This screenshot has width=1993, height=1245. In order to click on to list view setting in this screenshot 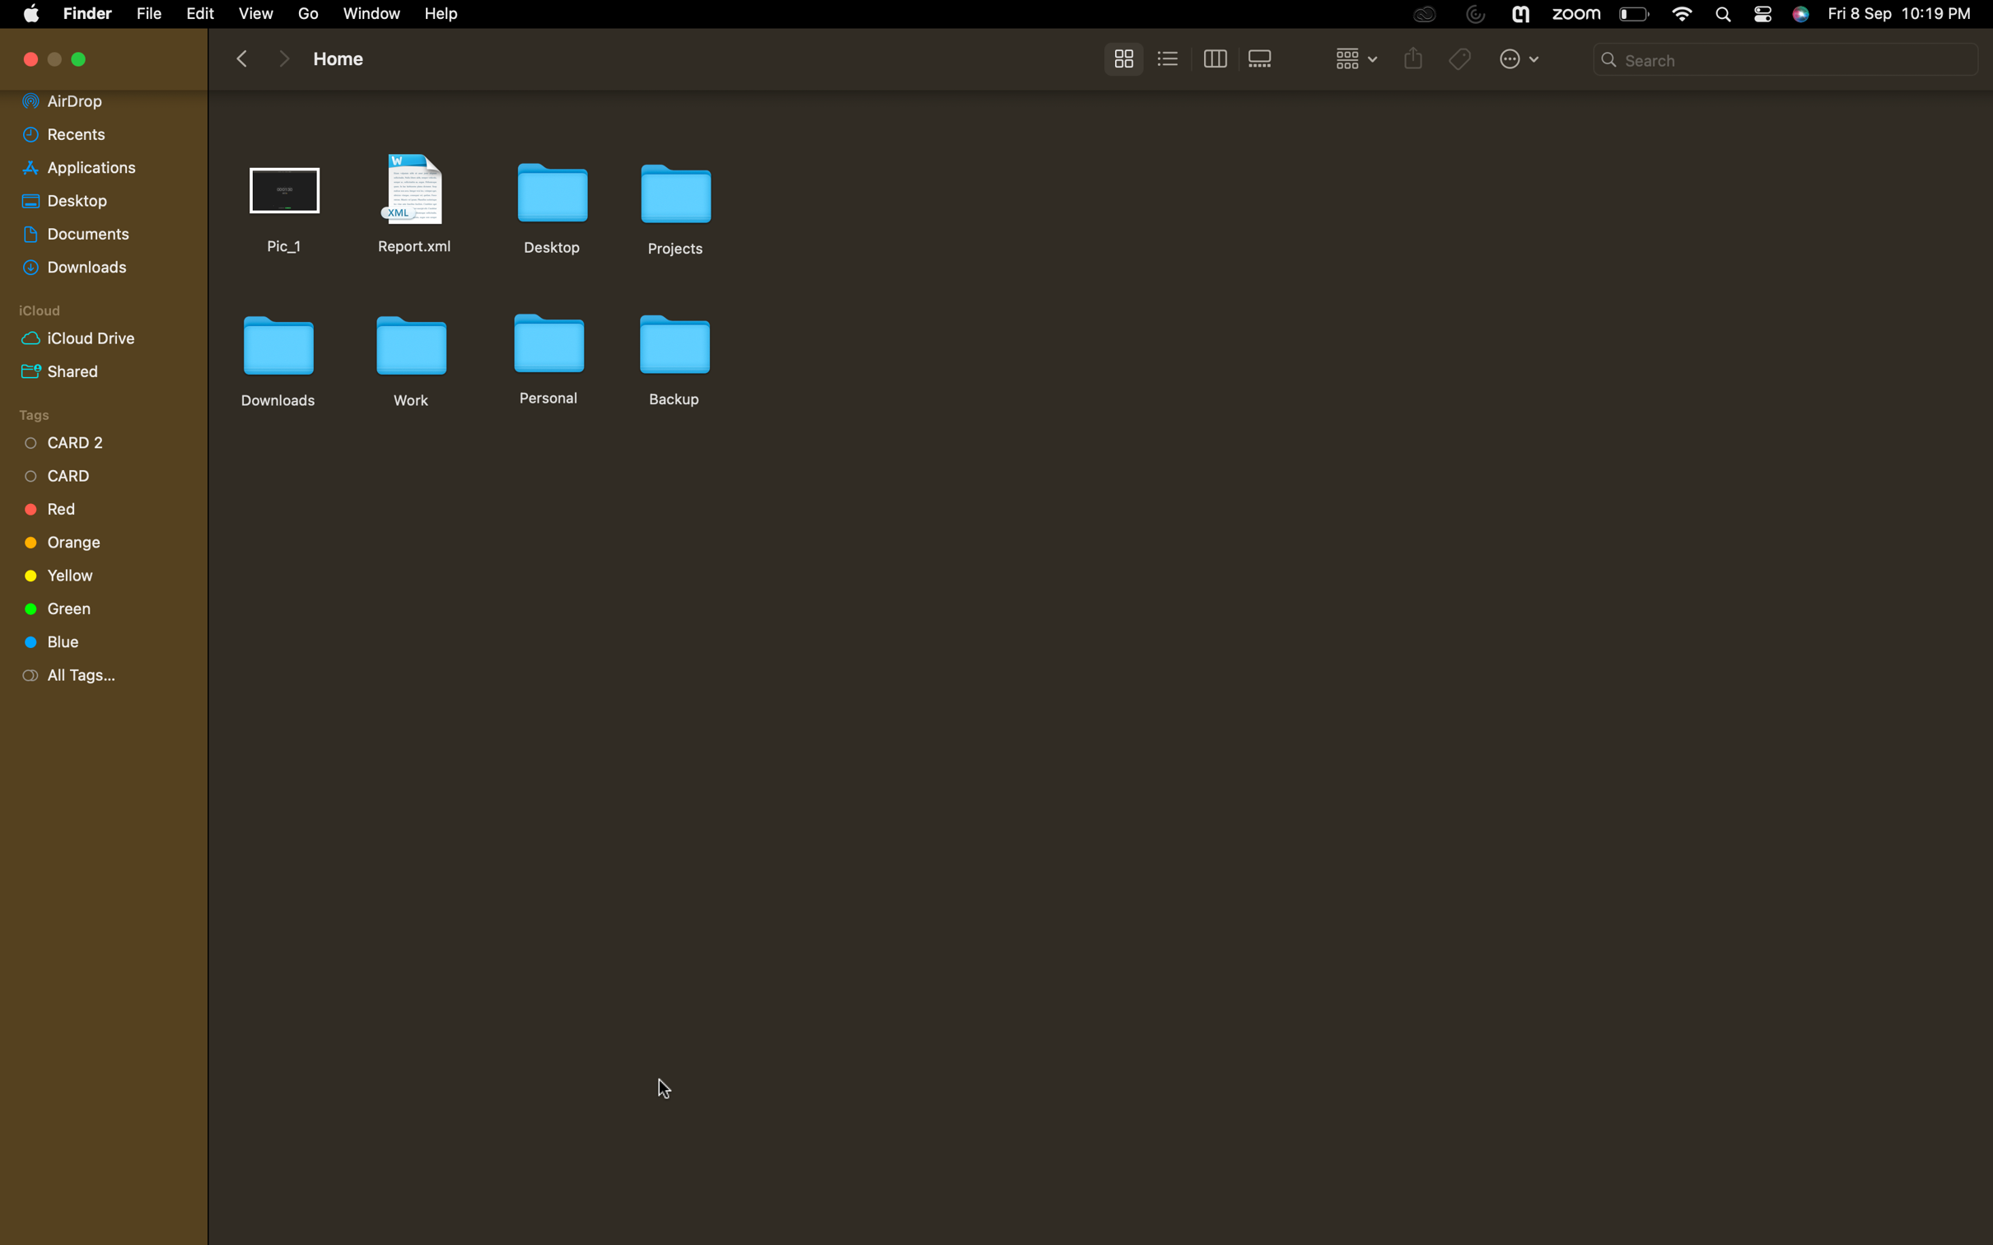, I will do `click(1169, 58)`.